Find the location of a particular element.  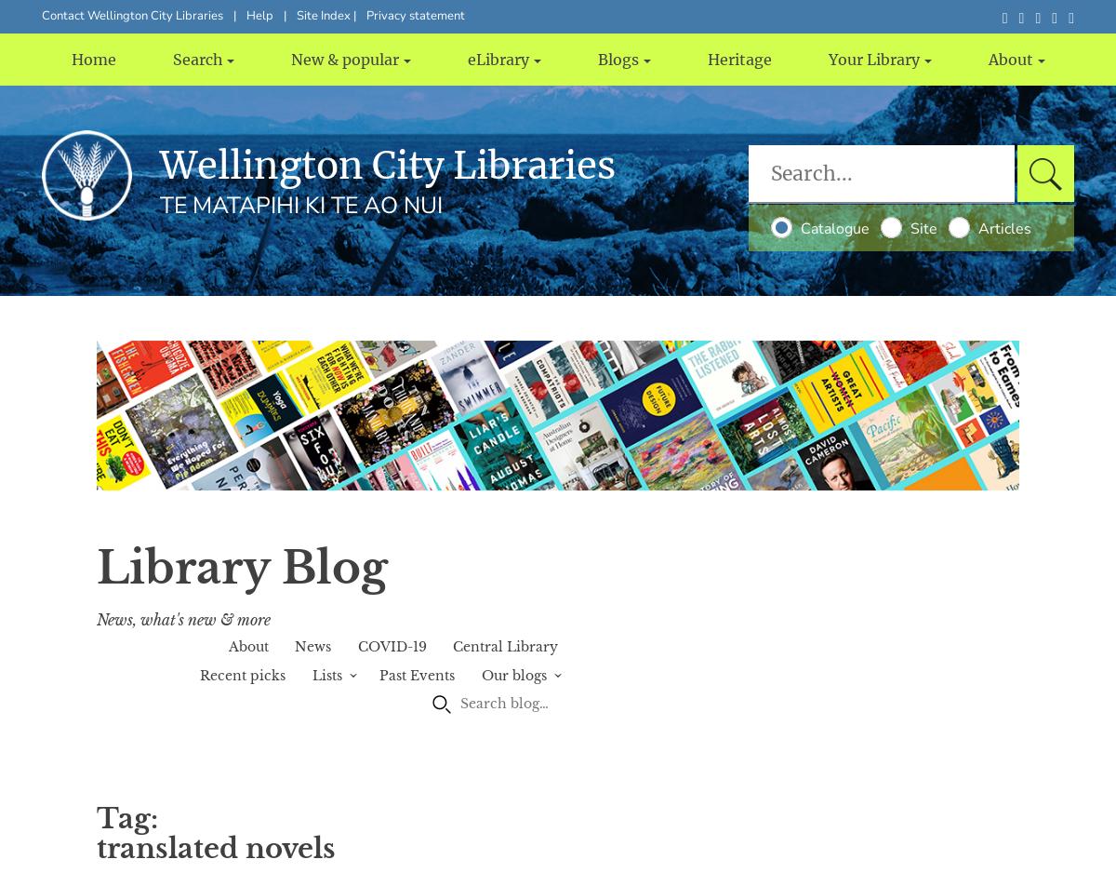

'COVID-19' is located at coordinates (391, 646).